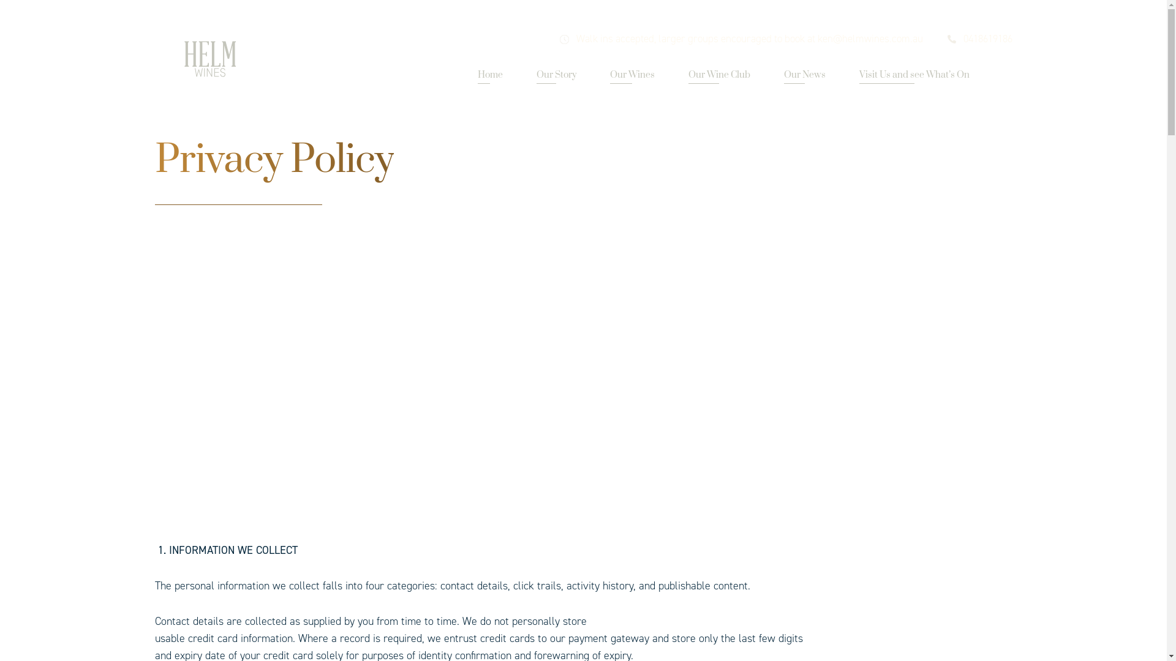  Describe the element at coordinates (556, 75) in the screenshot. I see `'Our Story'` at that location.